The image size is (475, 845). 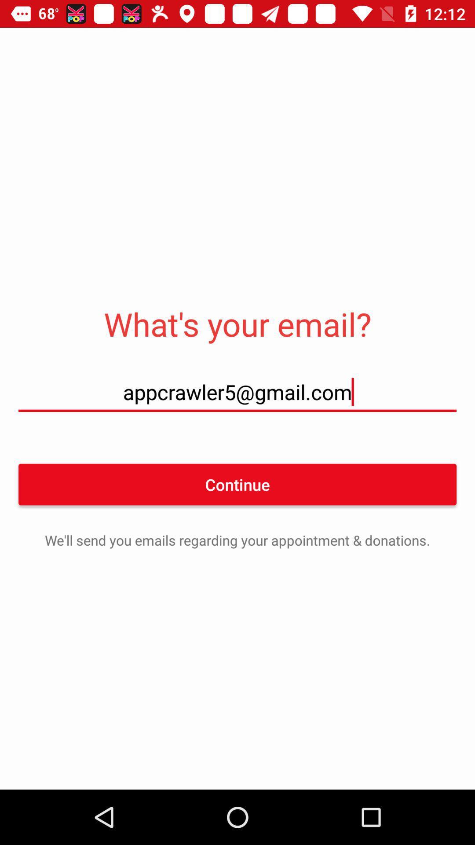 I want to click on appcrawler5@gmail.com, so click(x=237, y=391).